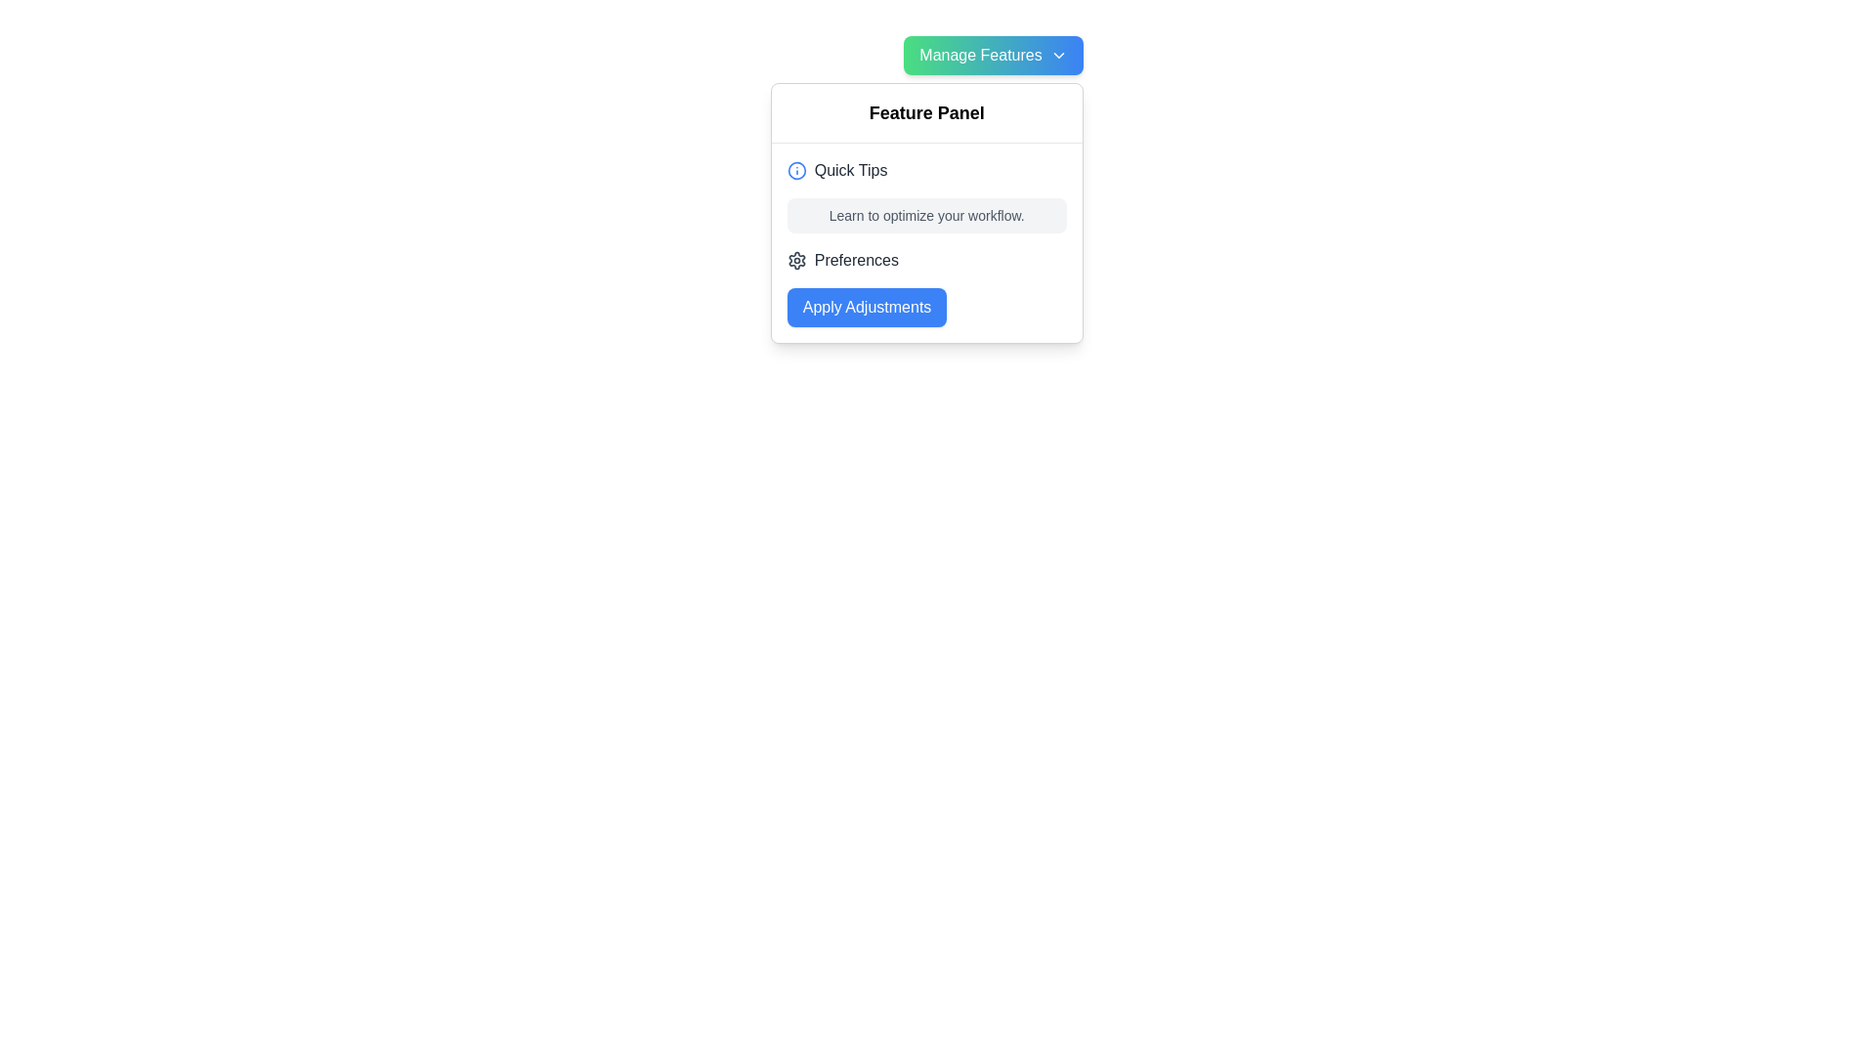  I want to click on the settings icon located to the left of the 'Preferences' text within the 'Feature Panel', so click(796, 259).